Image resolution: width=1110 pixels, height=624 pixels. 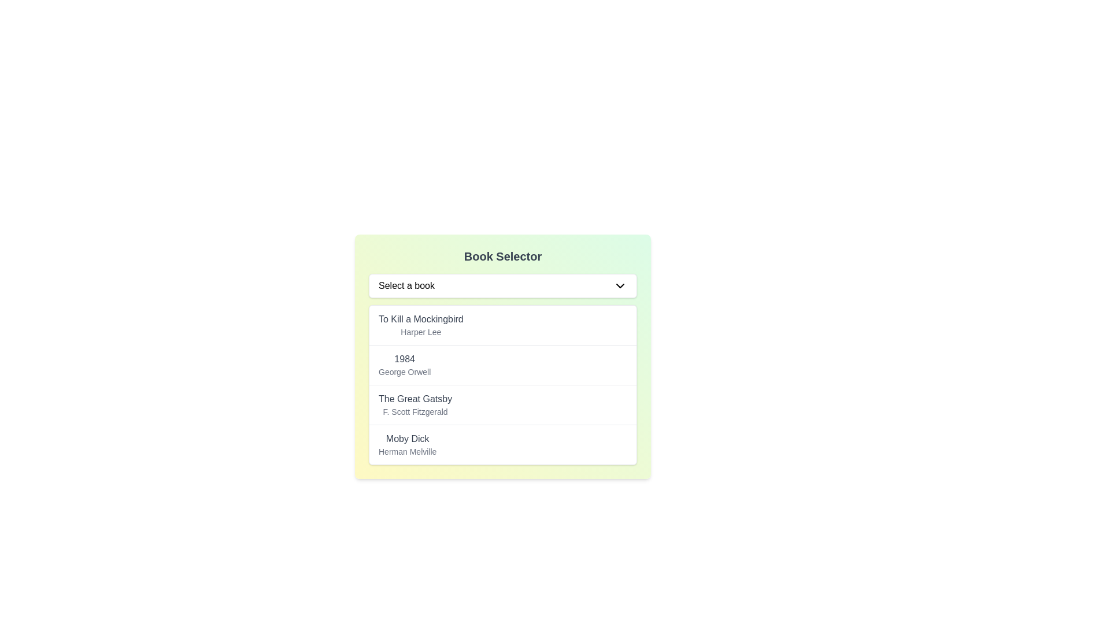 What do you see at coordinates (502, 365) in the screenshot?
I see `the selectable list item displaying '1984' by George Orwell` at bounding box center [502, 365].